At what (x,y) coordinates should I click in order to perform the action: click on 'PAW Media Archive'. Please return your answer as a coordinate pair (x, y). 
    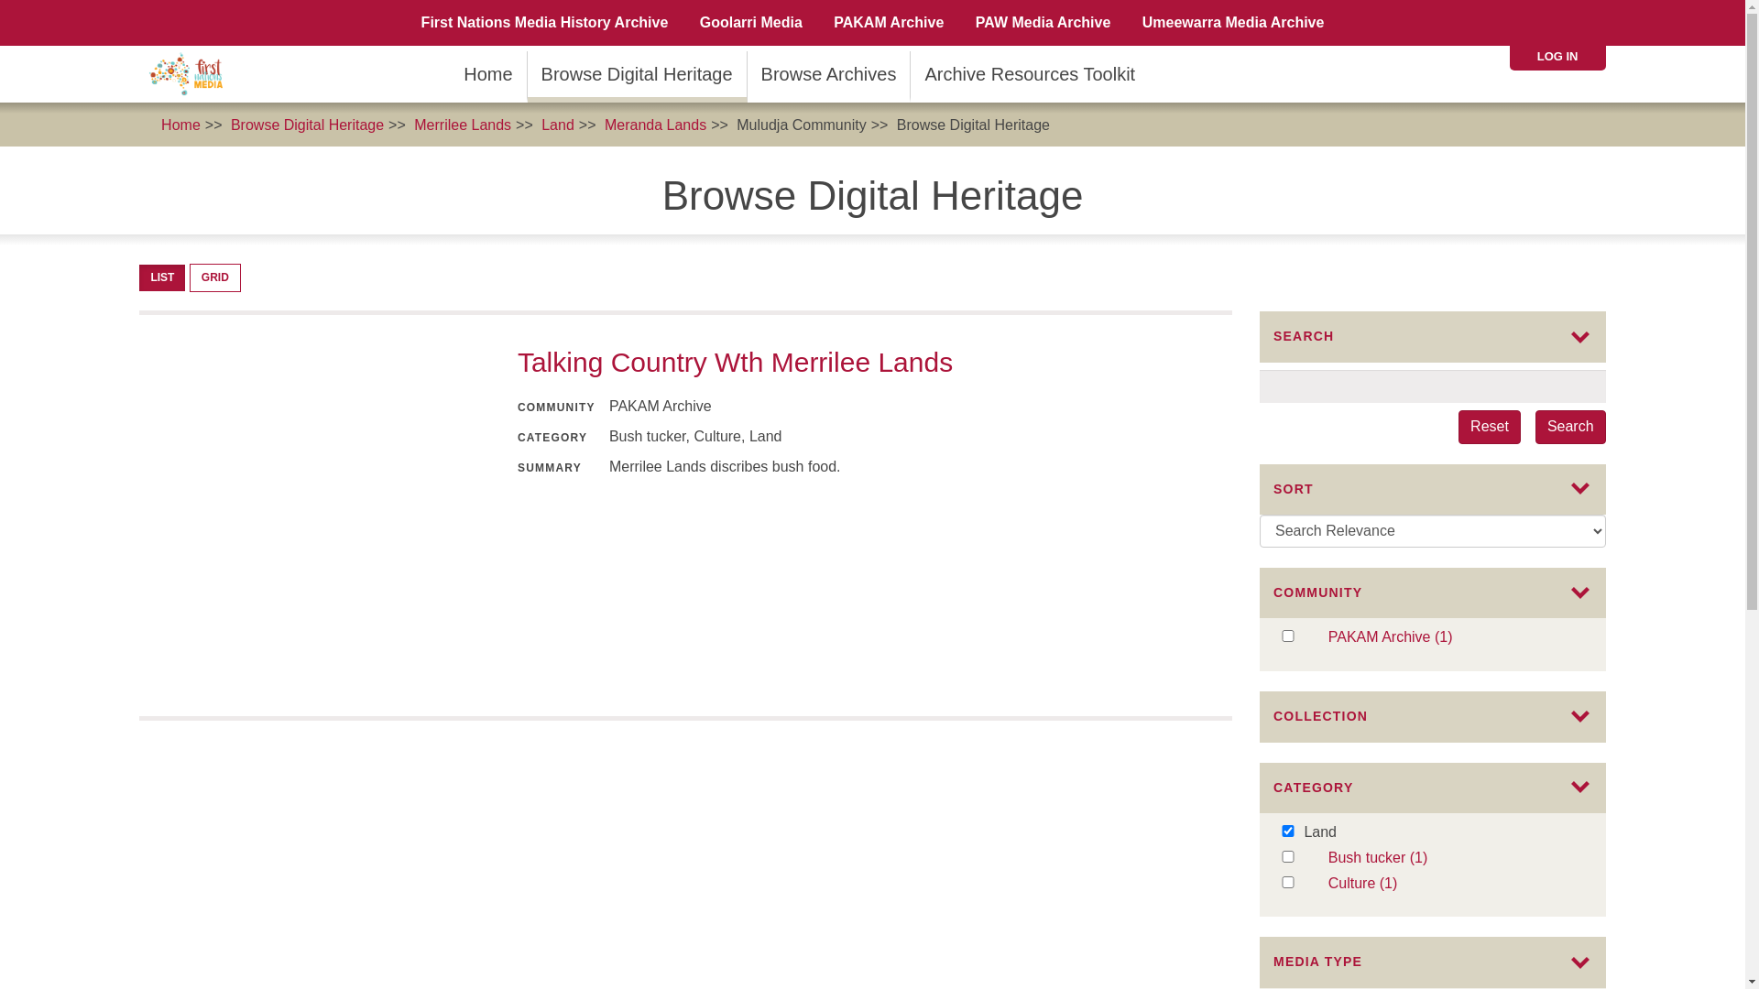
    Looking at the image, I should click on (1043, 22).